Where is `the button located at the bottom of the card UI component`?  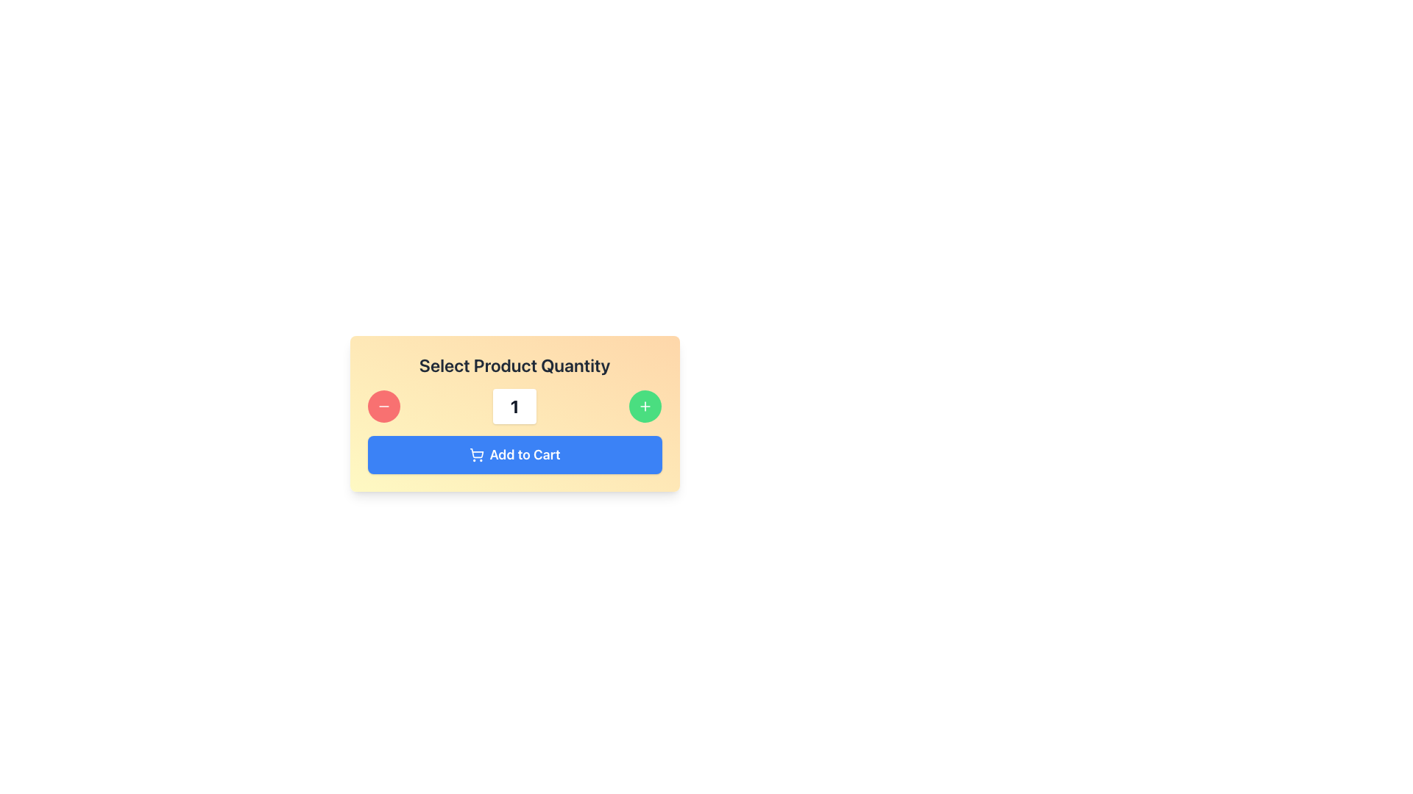 the button located at the bottom of the card UI component is located at coordinates (514, 454).